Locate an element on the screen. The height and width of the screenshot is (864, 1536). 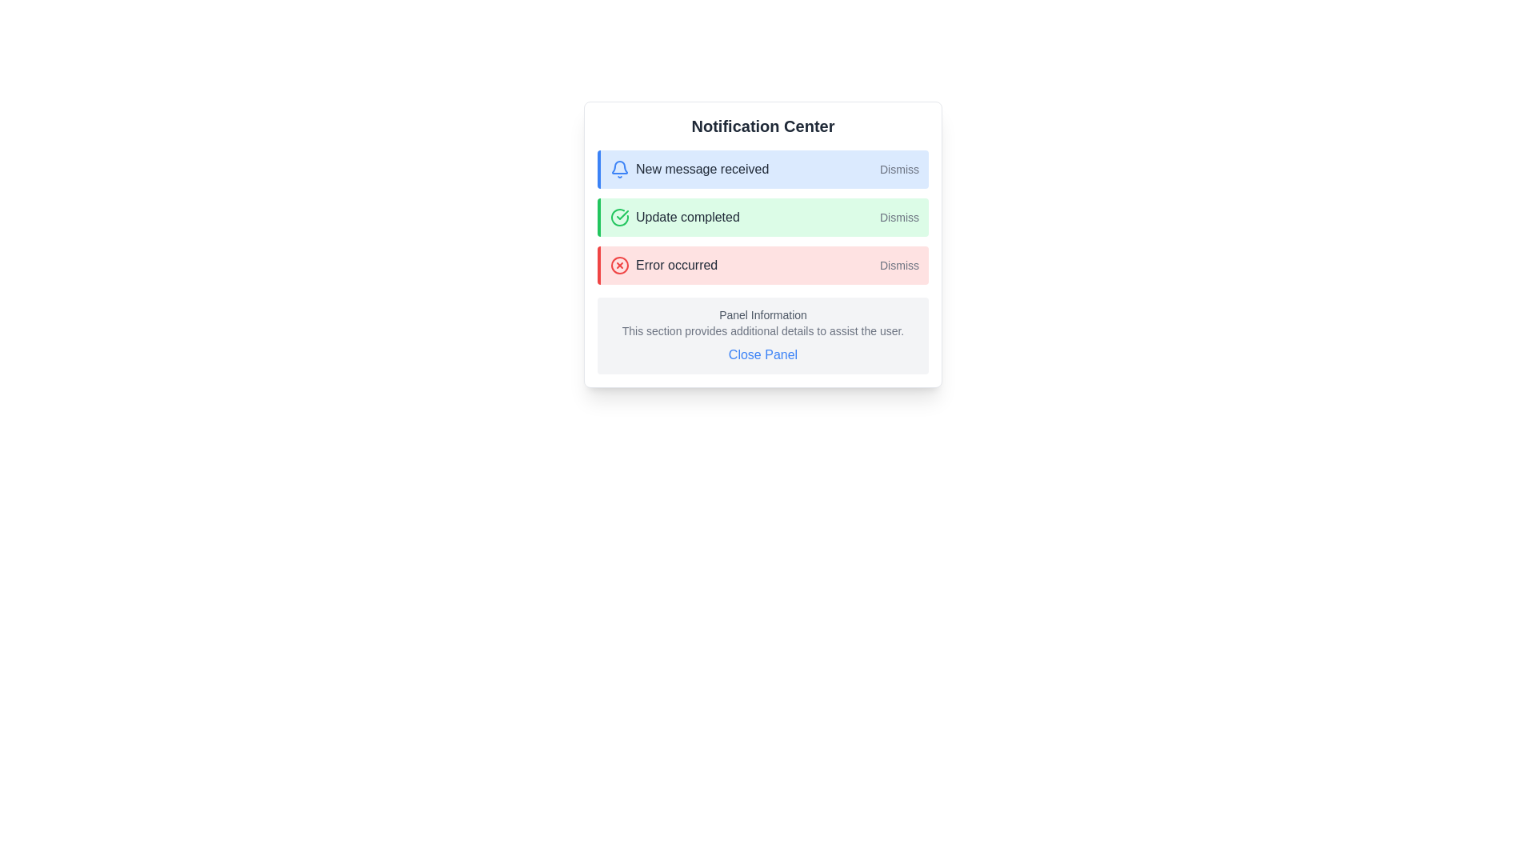
the text-based button located at the right end of the 'Error occurred' notification card with a red background is located at coordinates (899, 264).